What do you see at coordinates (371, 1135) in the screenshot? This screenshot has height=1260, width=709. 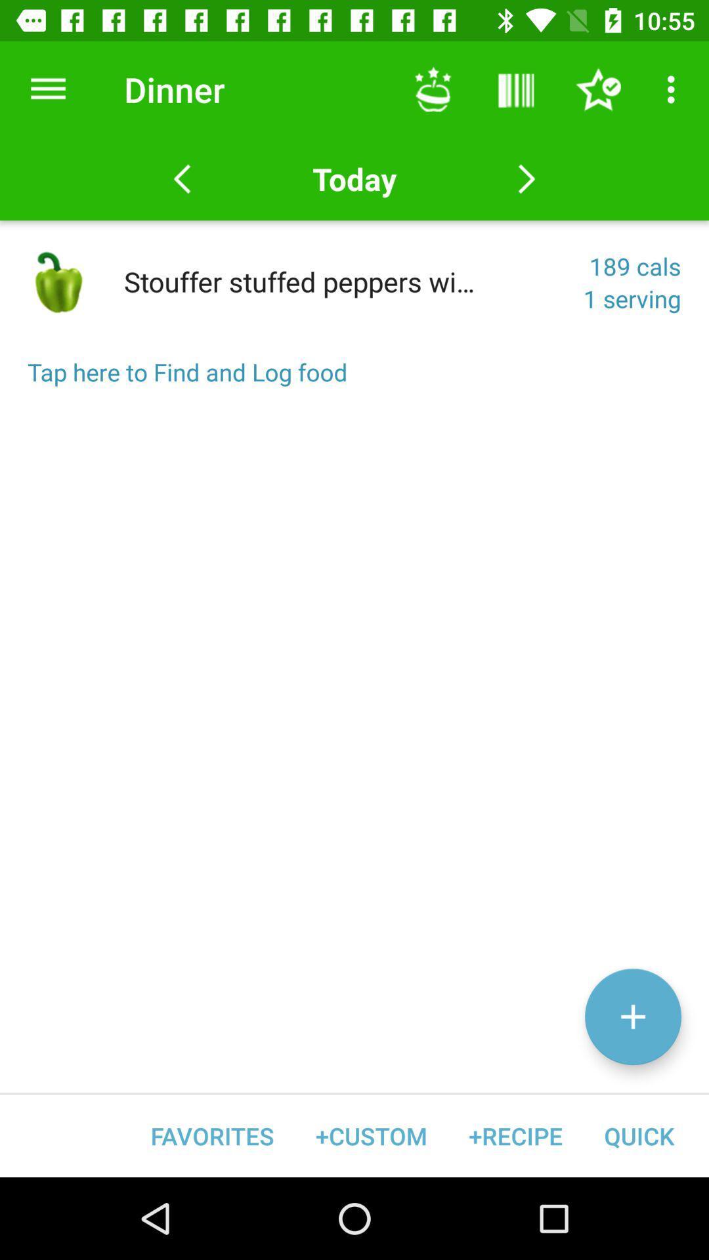 I see `the icon to the right of the favorites` at bounding box center [371, 1135].